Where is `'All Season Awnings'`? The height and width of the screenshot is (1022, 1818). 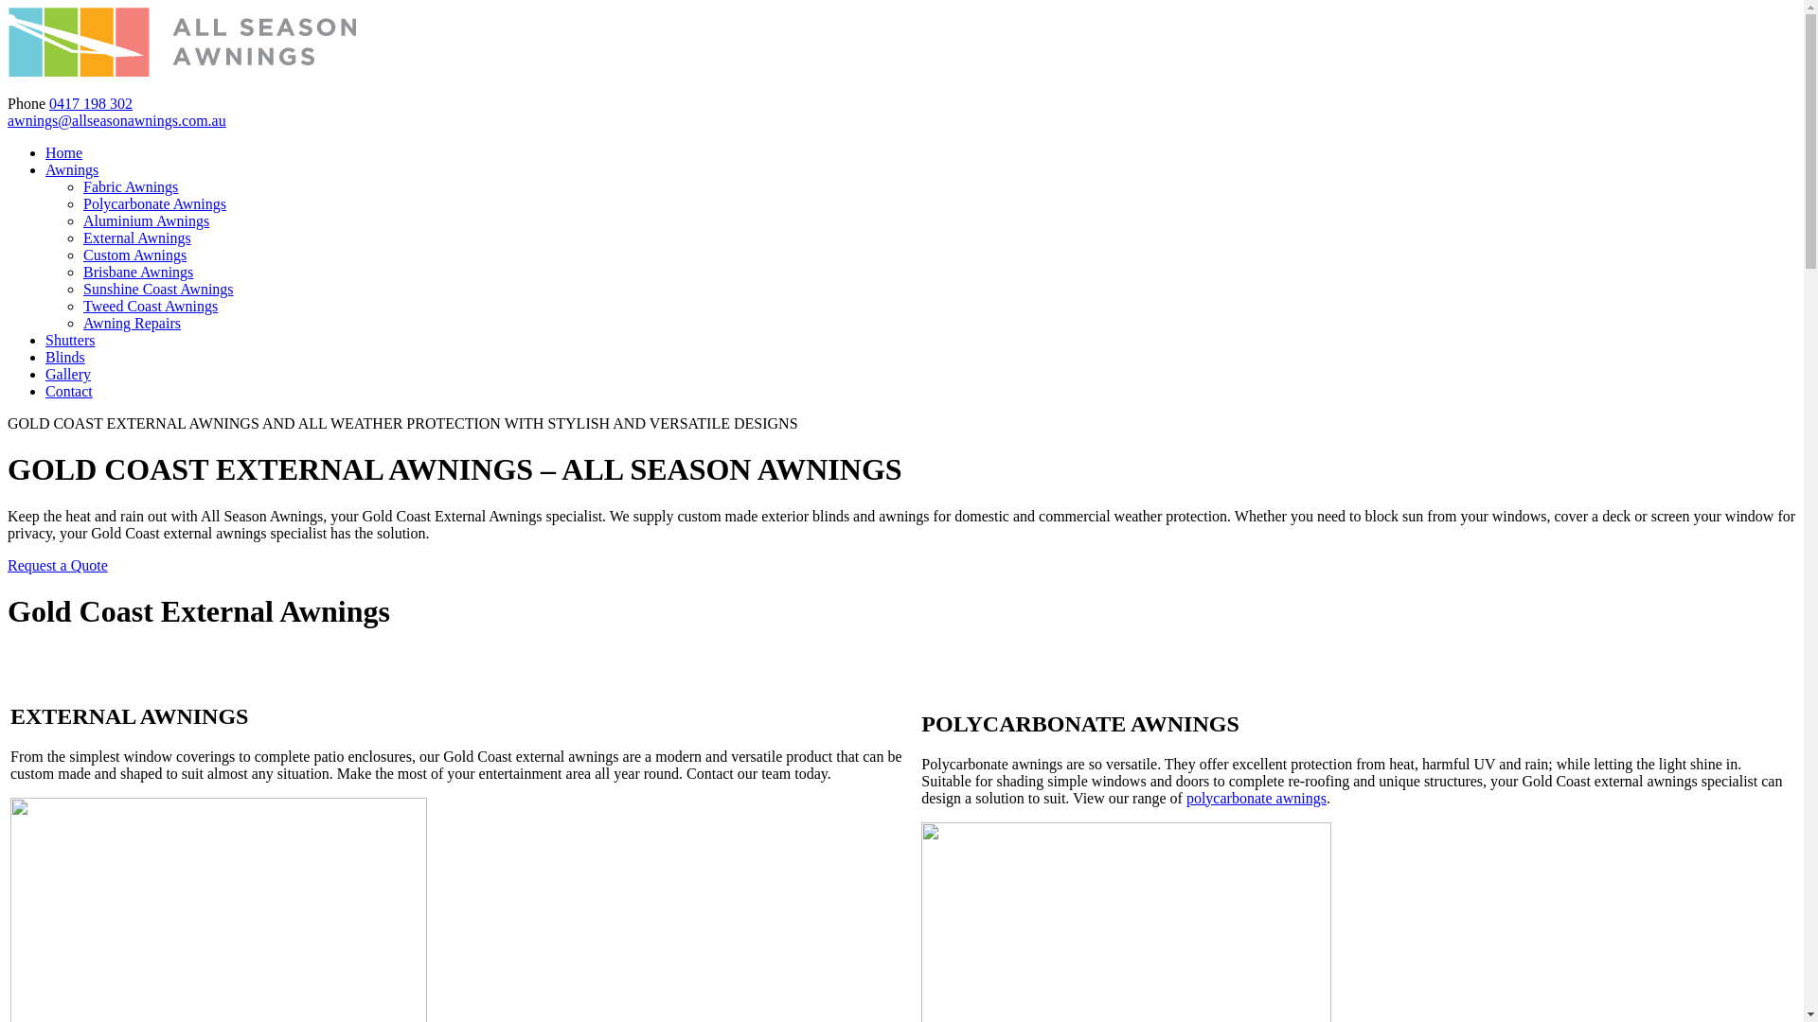 'All Season Awnings' is located at coordinates (182, 70).